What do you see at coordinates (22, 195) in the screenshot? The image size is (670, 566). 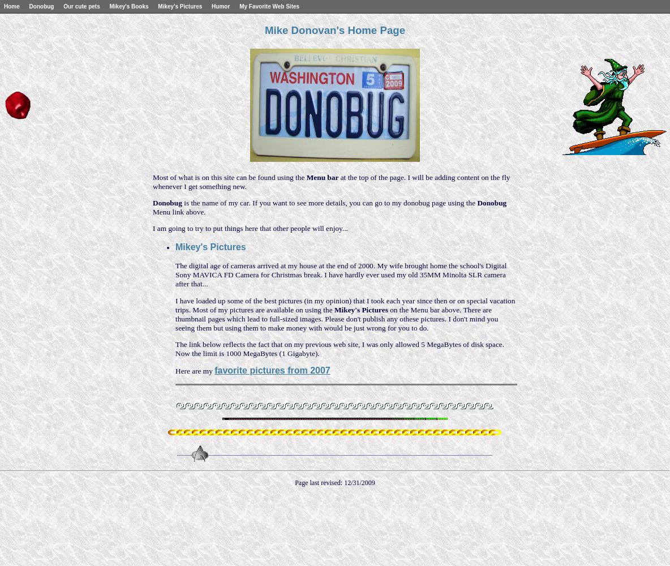 I see `'Best of 2008'` at bounding box center [22, 195].